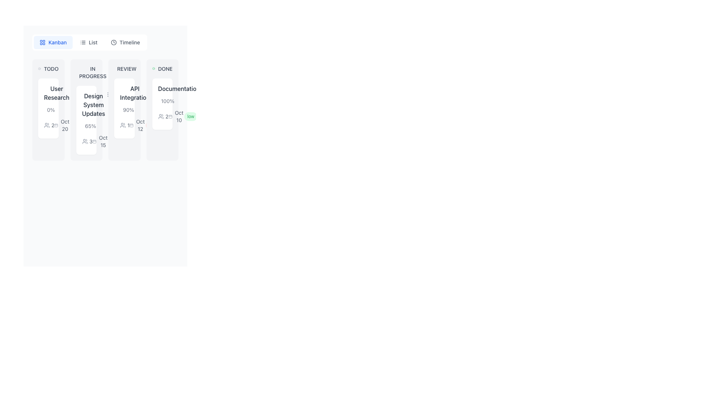 The height and width of the screenshot is (396, 705). Describe the element at coordinates (39, 69) in the screenshot. I see `the small, circular gray dot icon with a thin outline positioned to the left of the 'TODO' text in the Kanban board structure` at that location.